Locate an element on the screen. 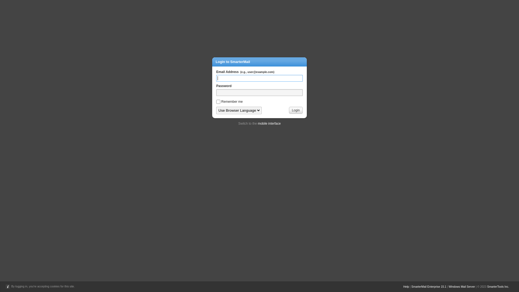 Image resolution: width=519 pixels, height=292 pixels. 'mobile interface' is located at coordinates (258, 124).